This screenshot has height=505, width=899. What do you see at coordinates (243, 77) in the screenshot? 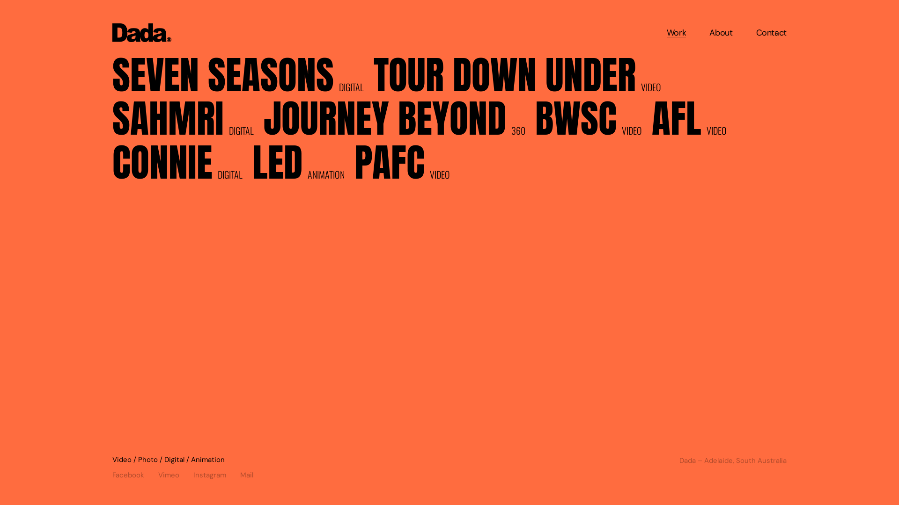
I see `'SEVEN SEASONS DIGITAL'` at bounding box center [243, 77].